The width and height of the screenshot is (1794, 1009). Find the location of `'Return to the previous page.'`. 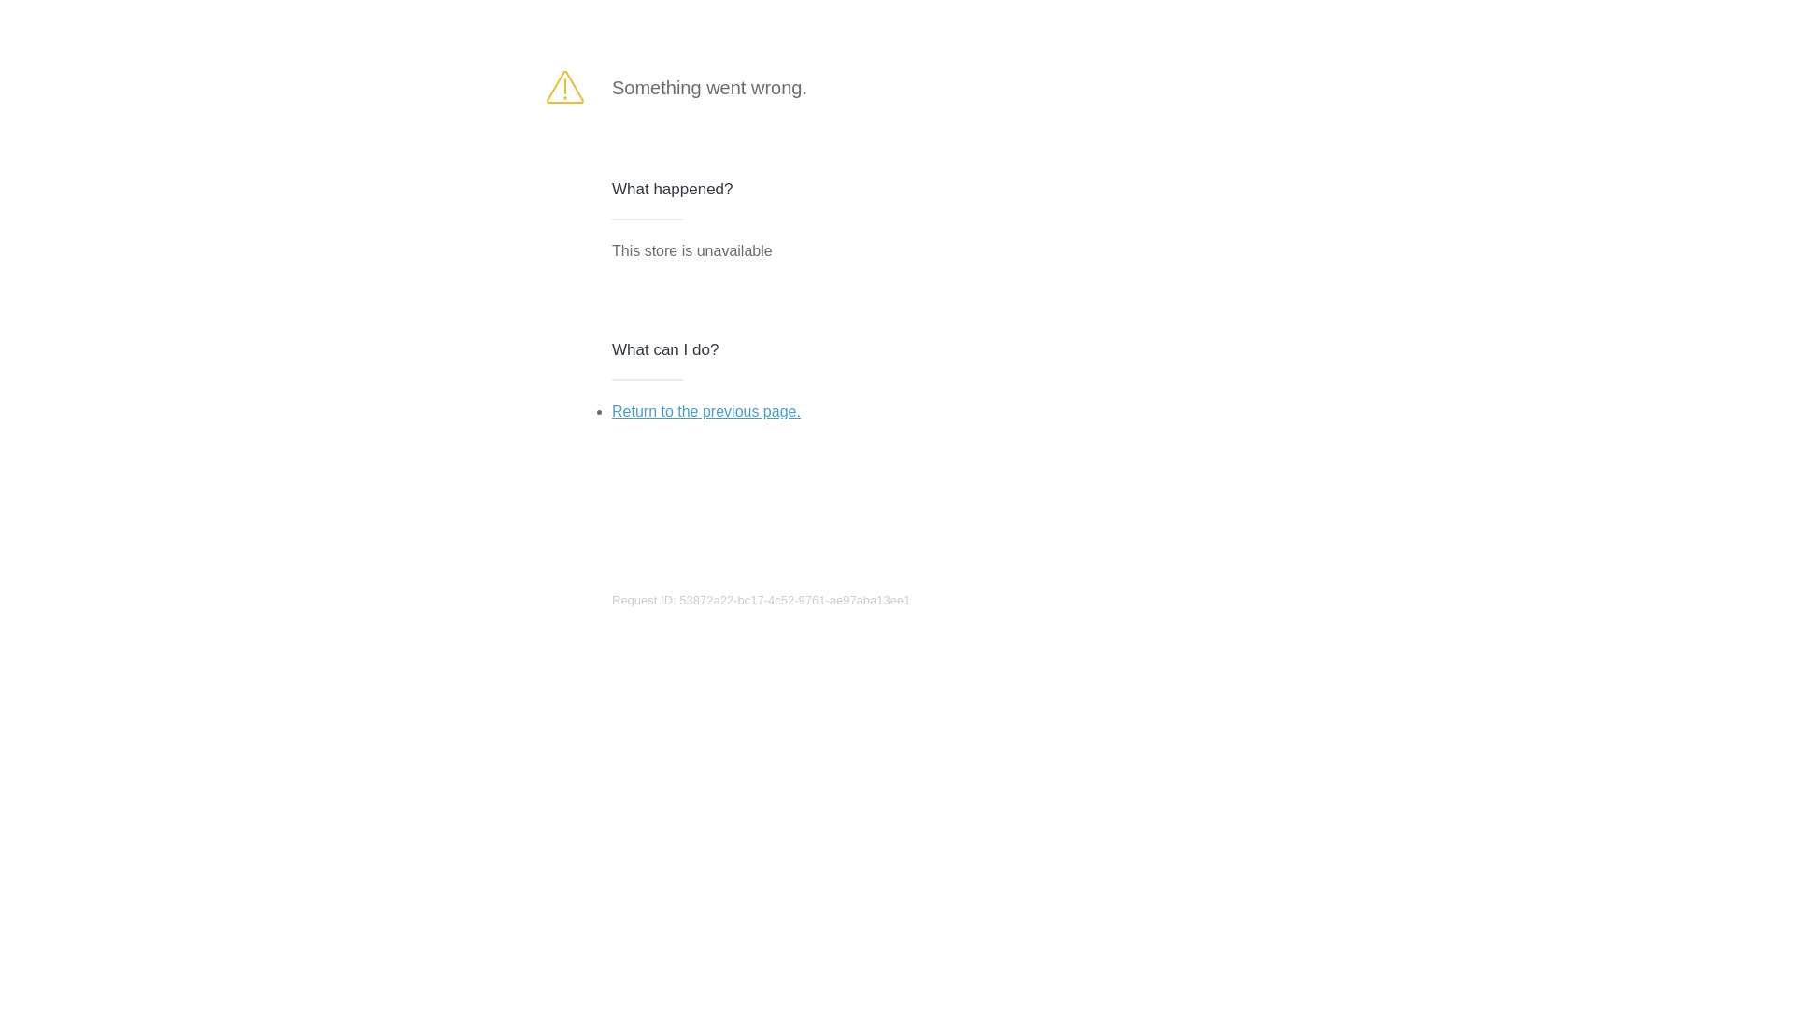

'Return to the previous page.' is located at coordinates (611, 410).